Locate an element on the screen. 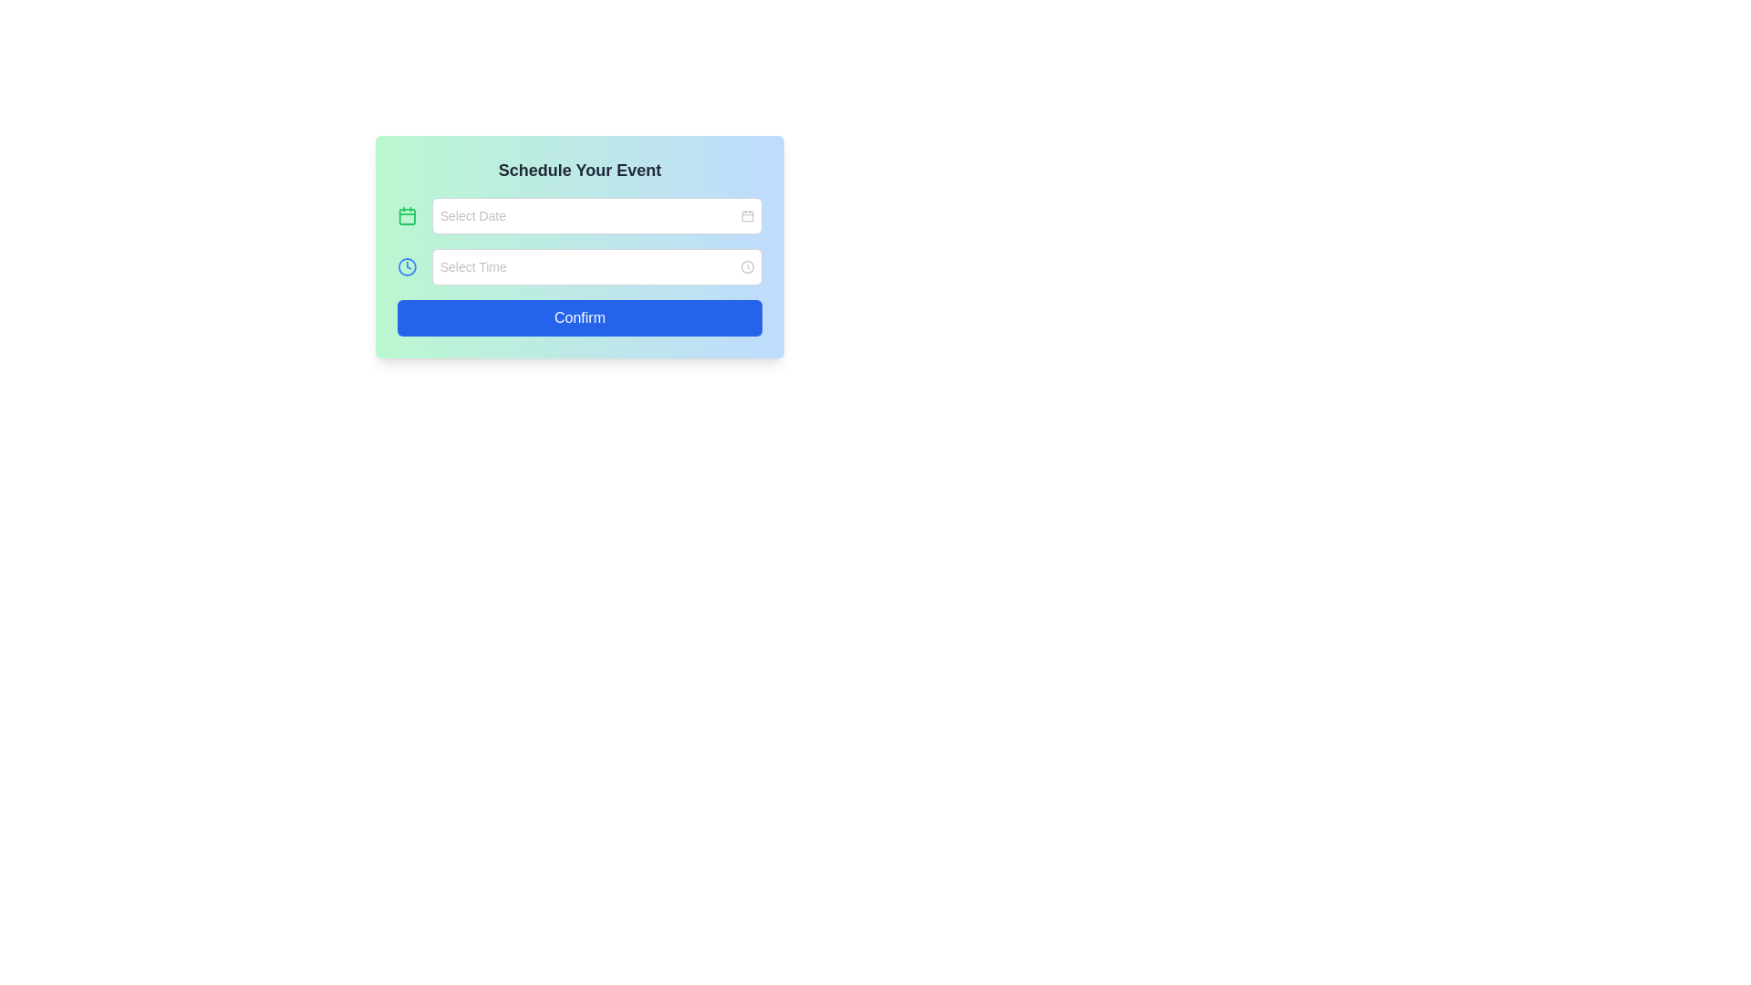 The width and height of the screenshot is (1751, 985). a date from the text input field labeled 'Select Date' in the 'Schedule Your Event' form panel is located at coordinates (588, 214).